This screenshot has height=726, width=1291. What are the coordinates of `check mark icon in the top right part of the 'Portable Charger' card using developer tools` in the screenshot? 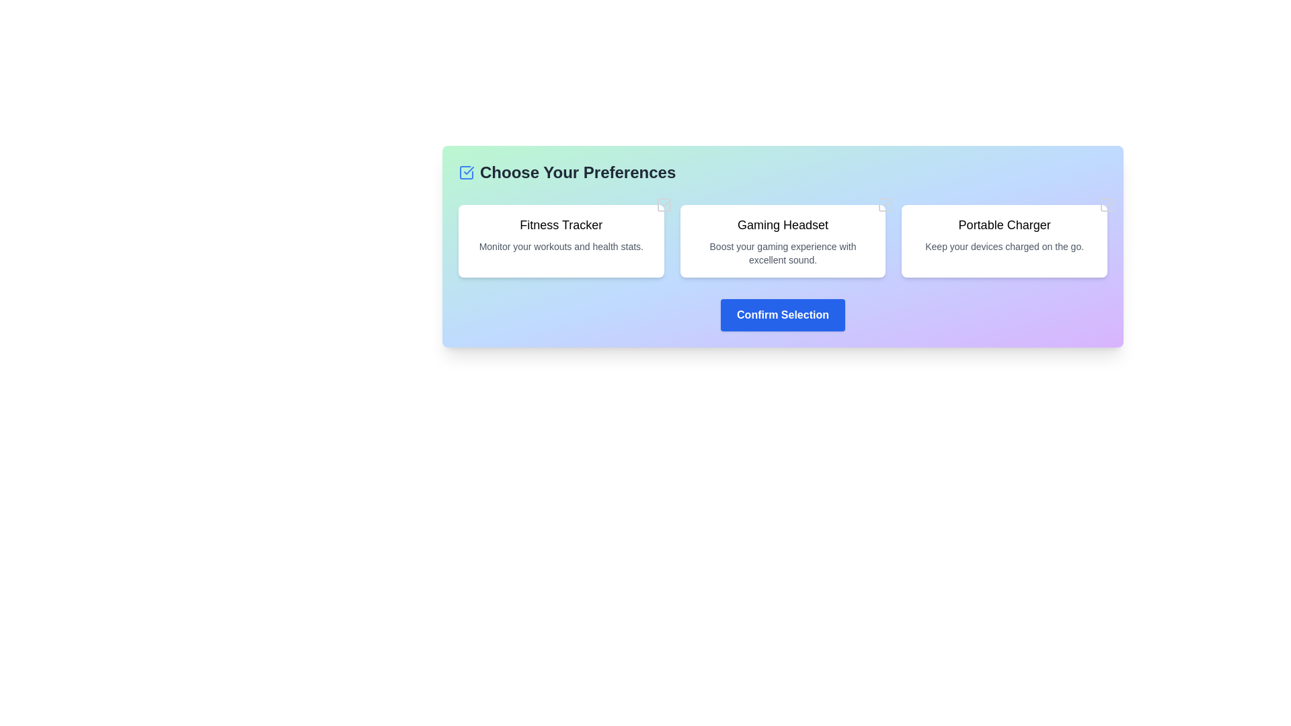 It's located at (1109, 202).